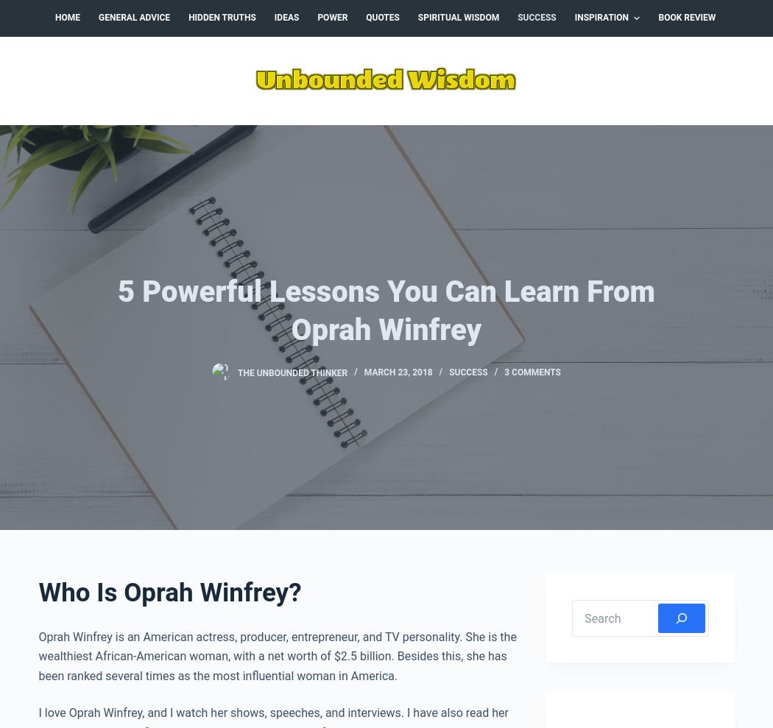 This screenshot has width=773, height=728. I want to click on 'Samantha', so click(136, 458).